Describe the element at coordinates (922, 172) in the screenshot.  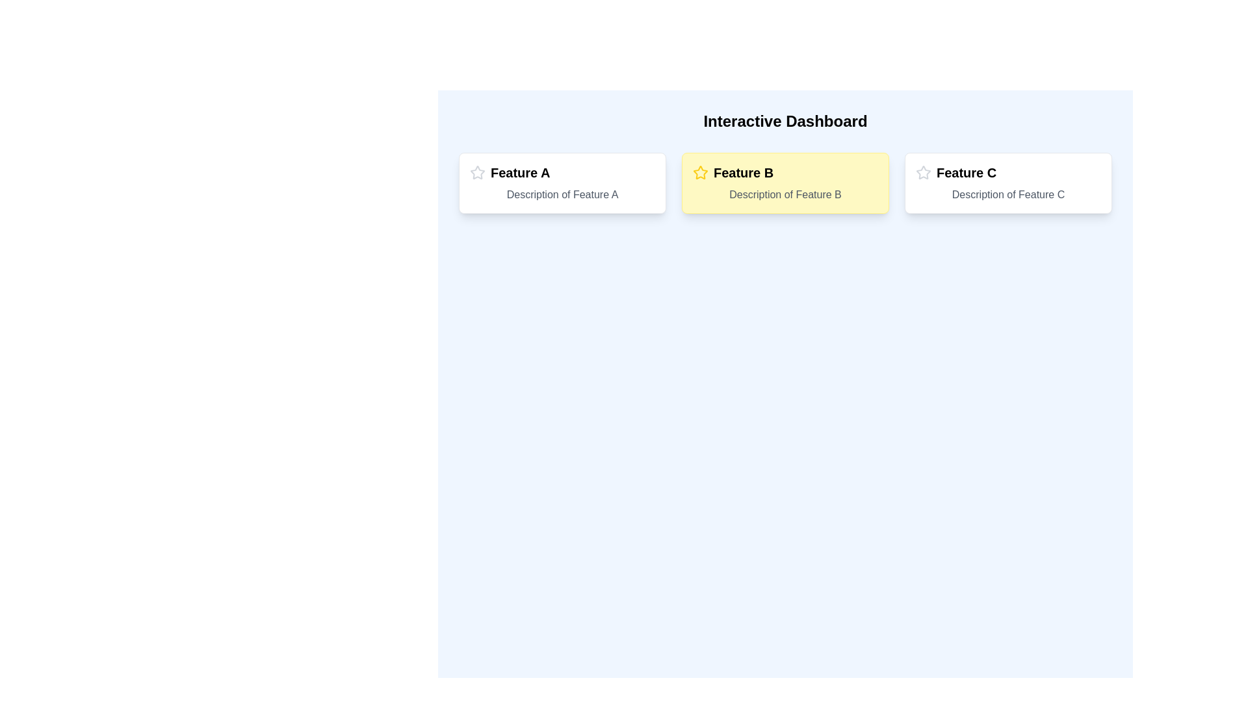
I see `the star icon located at the leftmost side of the third feature block labeled 'Feature C', which is positioned directly before the text 'Feature C' in the header` at that location.